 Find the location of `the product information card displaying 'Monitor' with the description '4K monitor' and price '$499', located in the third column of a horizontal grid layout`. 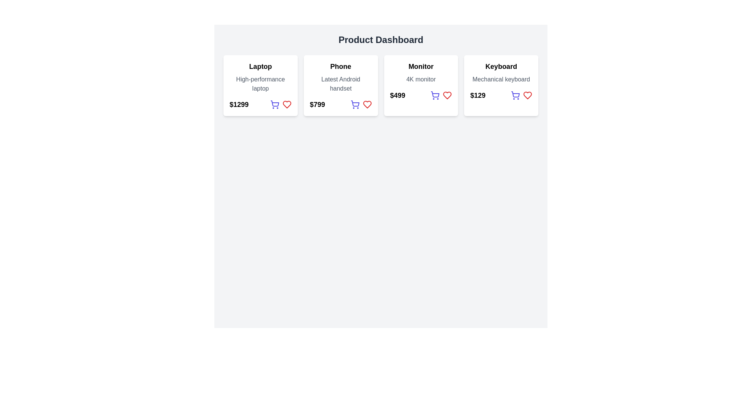

the product information card displaying 'Monitor' with the description '4K monitor' and price '$499', located in the third column of a horizontal grid layout is located at coordinates (420, 85).